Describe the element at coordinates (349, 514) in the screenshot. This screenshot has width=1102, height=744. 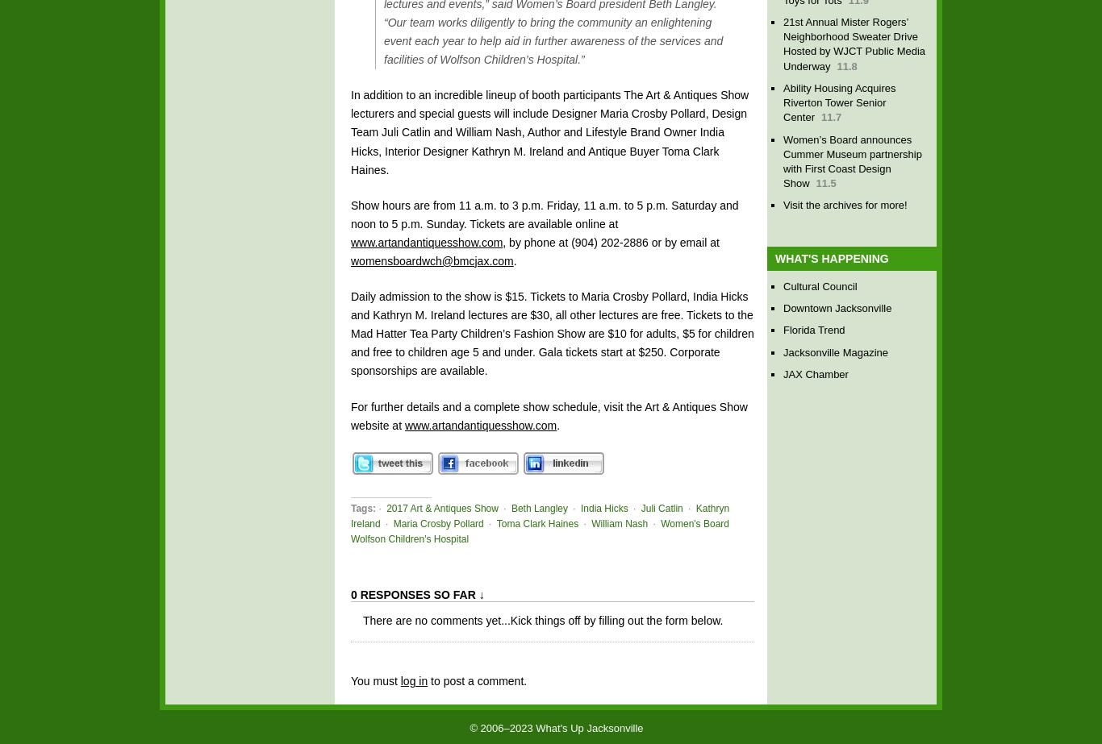
I see `'Kathryn Ireland'` at that location.